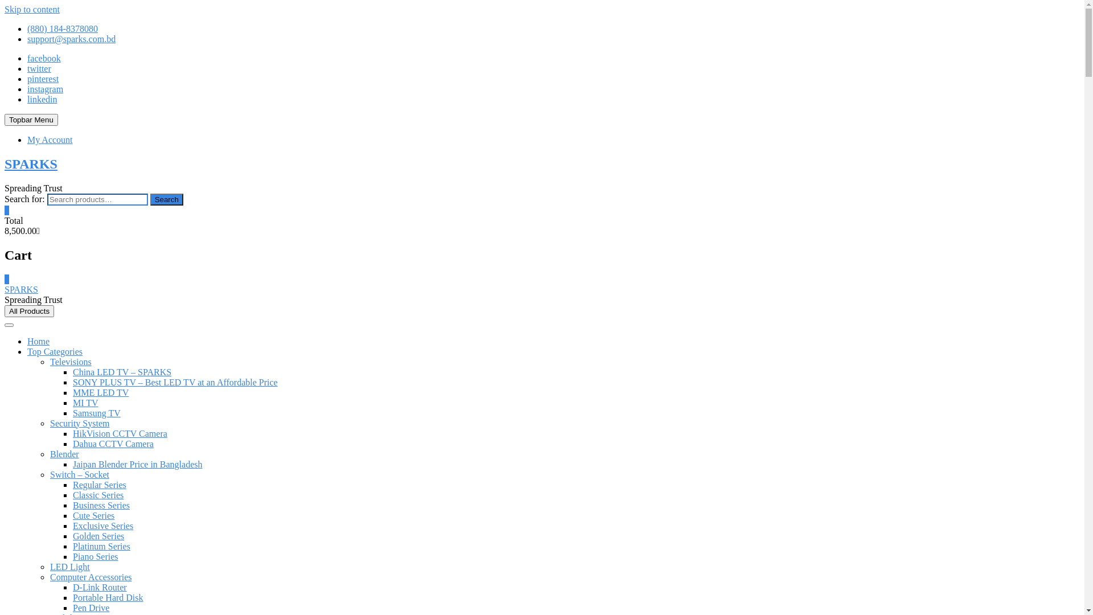 Image resolution: width=1093 pixels, height=615 pixels. I want to click on 'support@sparks.com.bd', so click(71, 38).